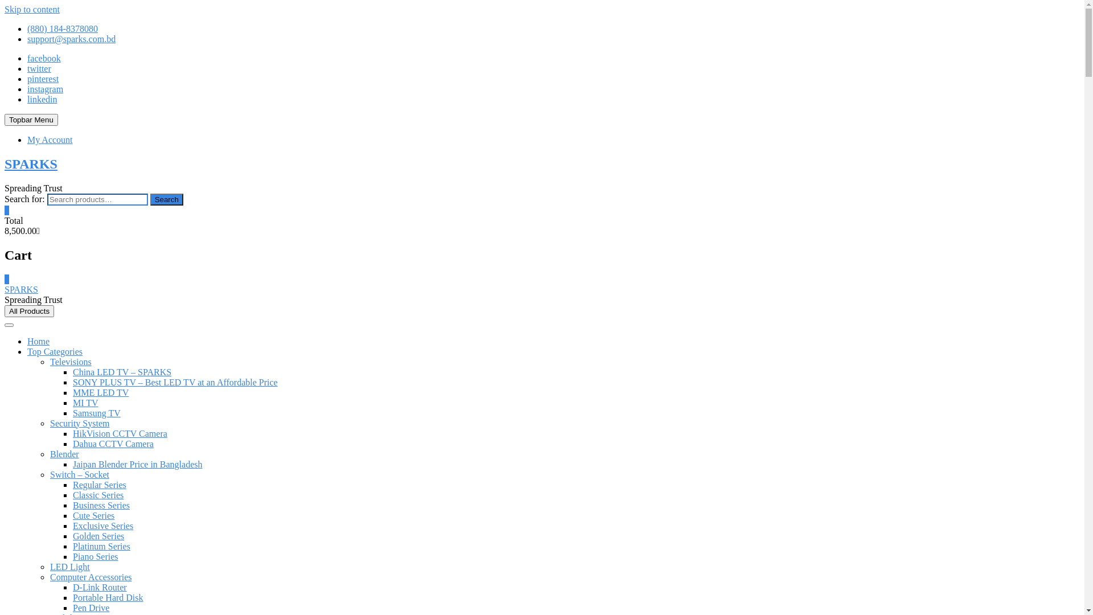 Image resolution: width=1093 pixels, height=615 pixels. I want to click on 'support@sparks.com.bd', so click(71, 38).